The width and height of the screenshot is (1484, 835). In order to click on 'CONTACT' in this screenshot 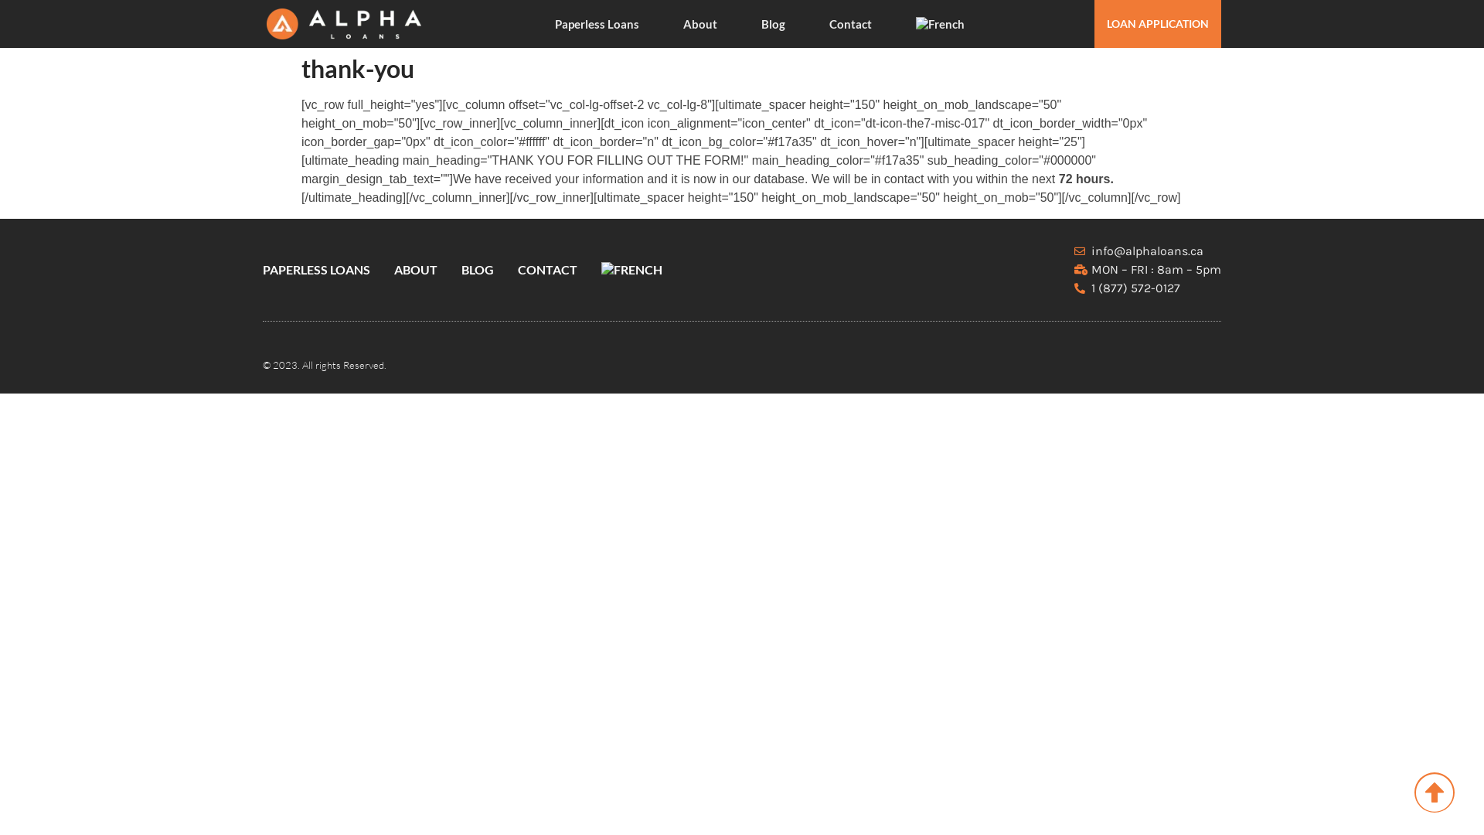, I will do `click(547, 268)`.